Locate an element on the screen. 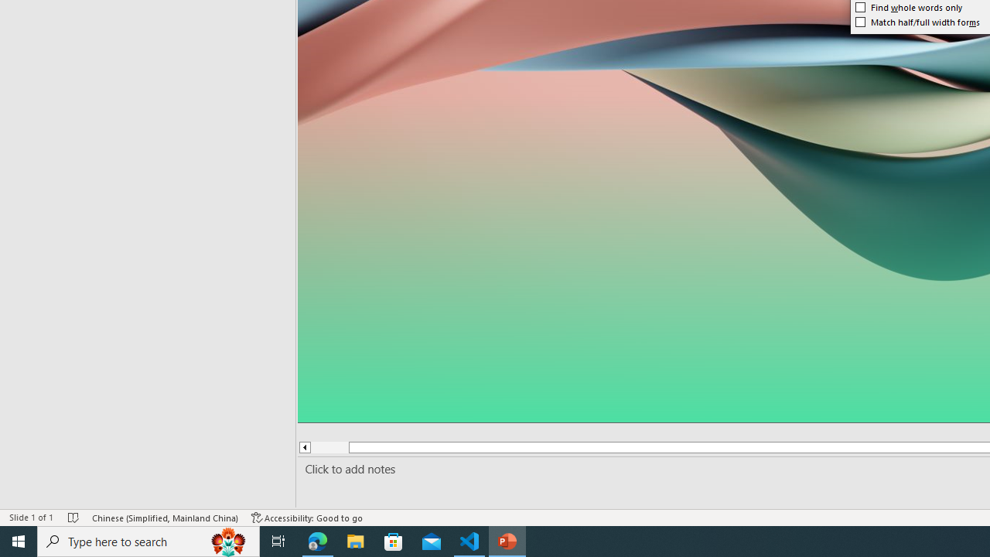 Image resolution: width=990 pixels, height=557 pixels. 'Microsoft Edge - 1 running window' is located at coordinates (317, 540).